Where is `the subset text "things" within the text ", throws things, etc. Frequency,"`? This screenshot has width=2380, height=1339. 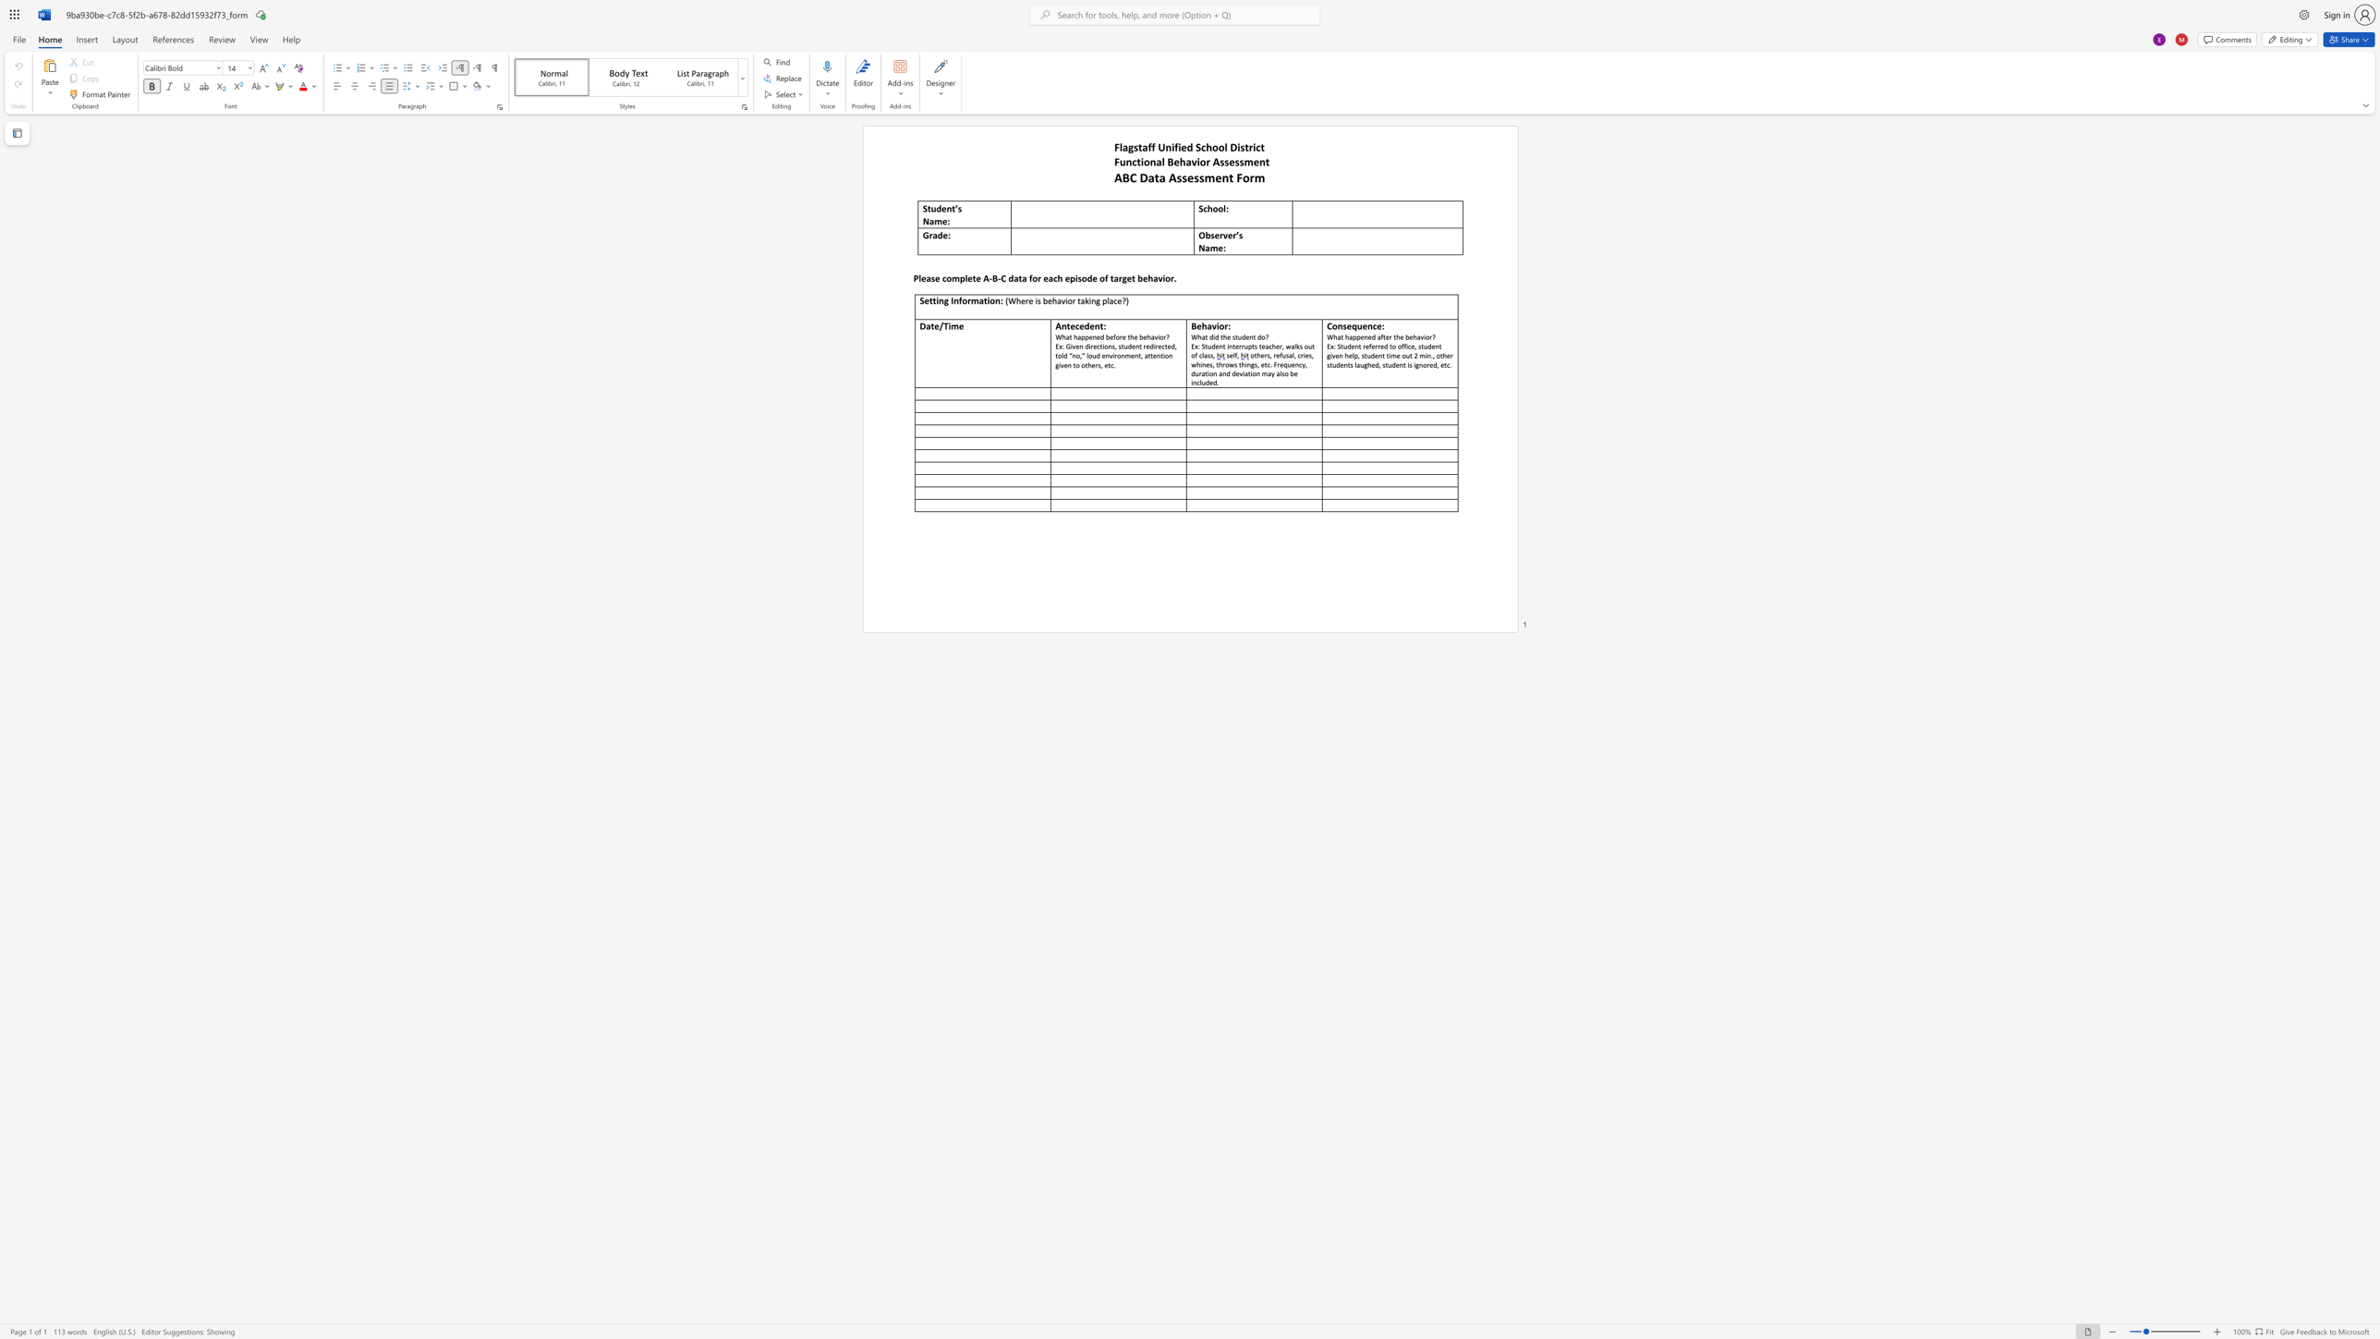
the subset text "things" within the text ", throws things, etc. Frequency," is located at coordinates (1238, 364).